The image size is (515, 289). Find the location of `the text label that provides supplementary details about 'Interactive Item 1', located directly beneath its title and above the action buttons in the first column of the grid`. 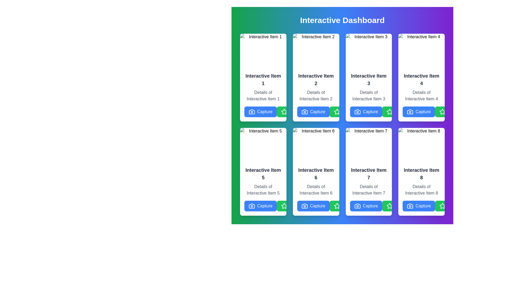

the text label that provides supplementary details about 'Interactive Item 1', located directly beneath its title and above the action buttons in the first column of the grid is located at coordinates (263, 96).